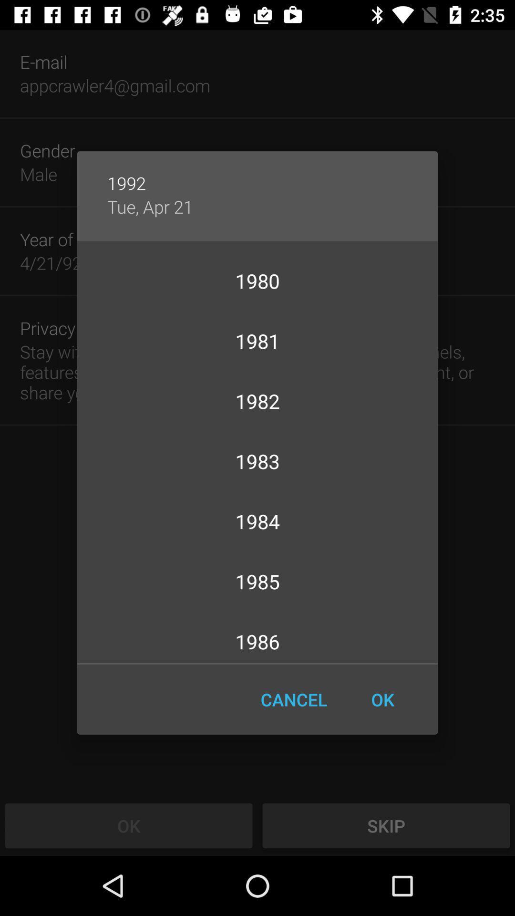 This screenshot has width=515, height=916. I want to click on app below the 1992 app, so click(150, 206).